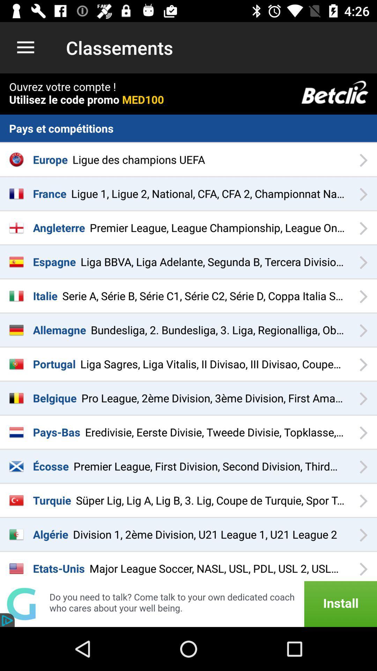 Image resolution: width=377 pixels, height=671 pixels. What do you see at coordinates (188, 604) in the screenshot?
I see `advertisement` at bounding box center [188, 604].